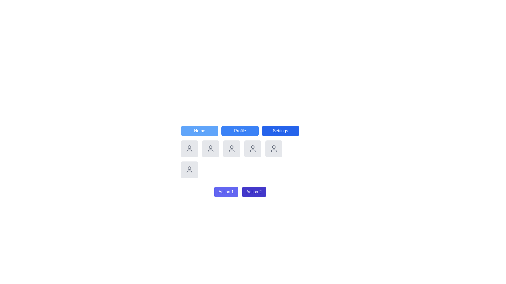 The width and height of the screenshot is (506, 284). What do you see at coordinates (189, 149) in the screenshot?
I see `the first user profile icon, which is a circular head with a semi-oval body outline styled in gray` at bounding box center [189, 149].